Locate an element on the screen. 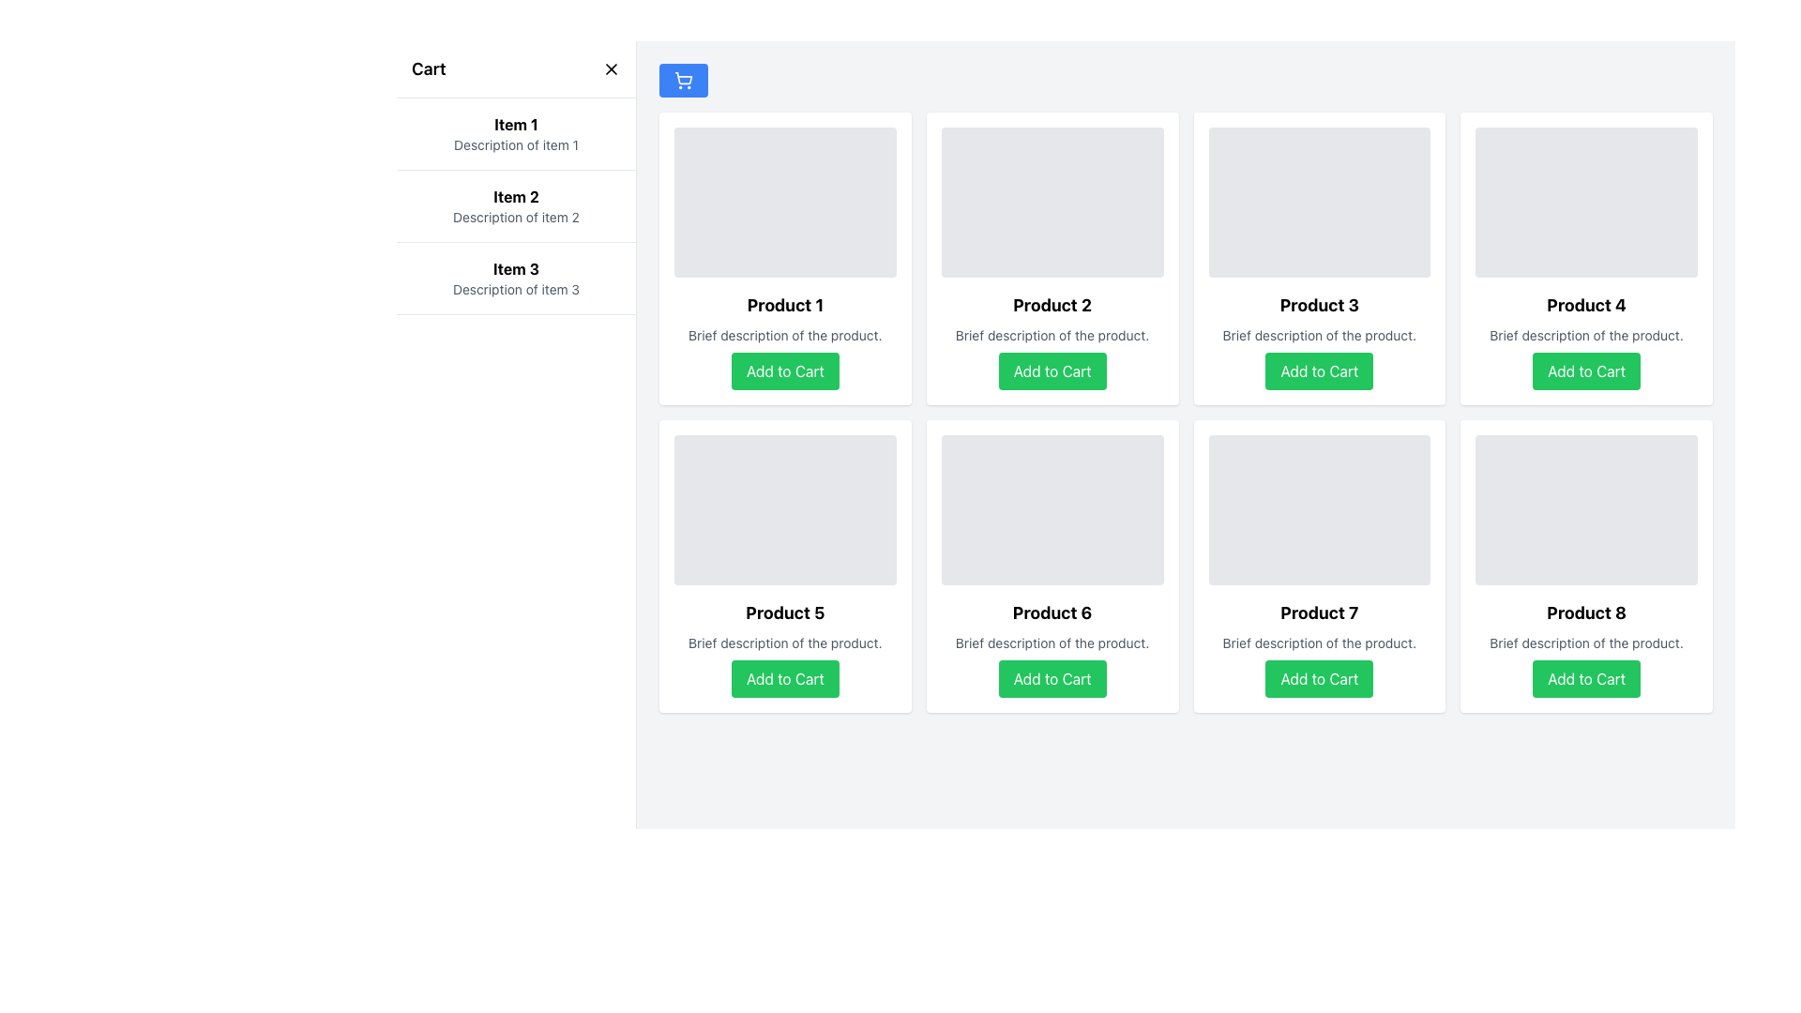 The width and height of the screenshot is (1801, 1013). the second item in the vertical list representing an item entry, which displays its name and description is located at coordinates (516, 206).